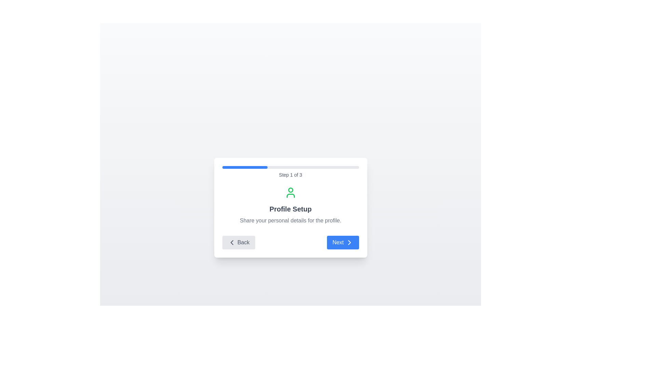 This screenshot has height=369, width=656. What do you see at coordinates (290, 167) in the screenshot?
I see `the horizontally aligned progress bar at the top of the card, which has a gray background and a blue filled segment, located above the text 'Step 1 of 3'` at bounding box center [290, 167].